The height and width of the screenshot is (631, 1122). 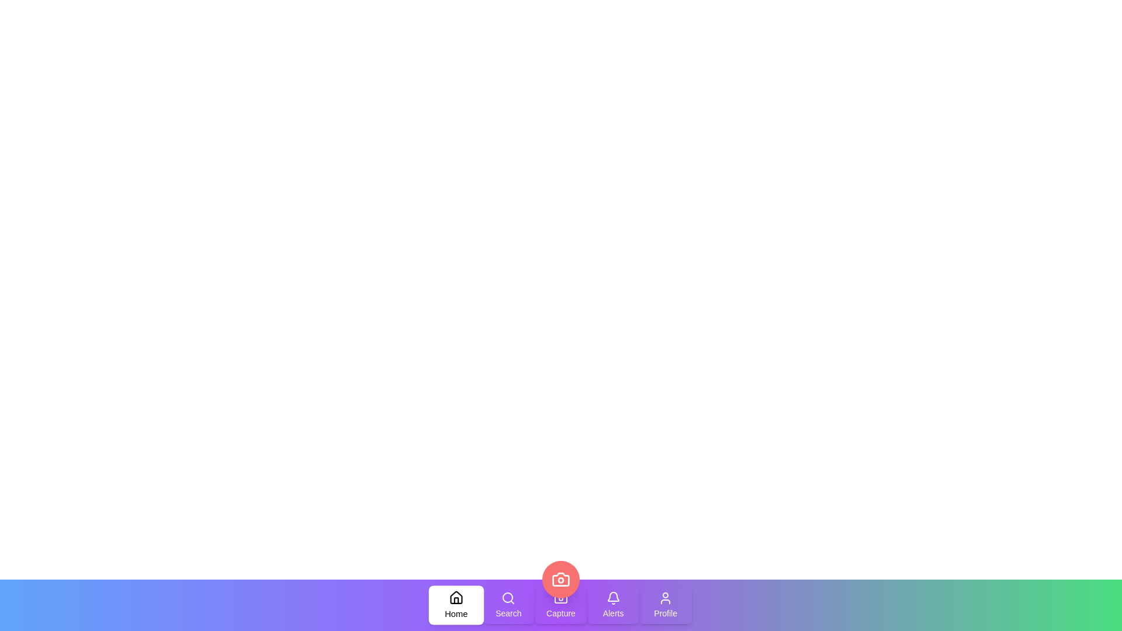 I want to click on the Capture tab to activate it, so click(x=561, y=605).